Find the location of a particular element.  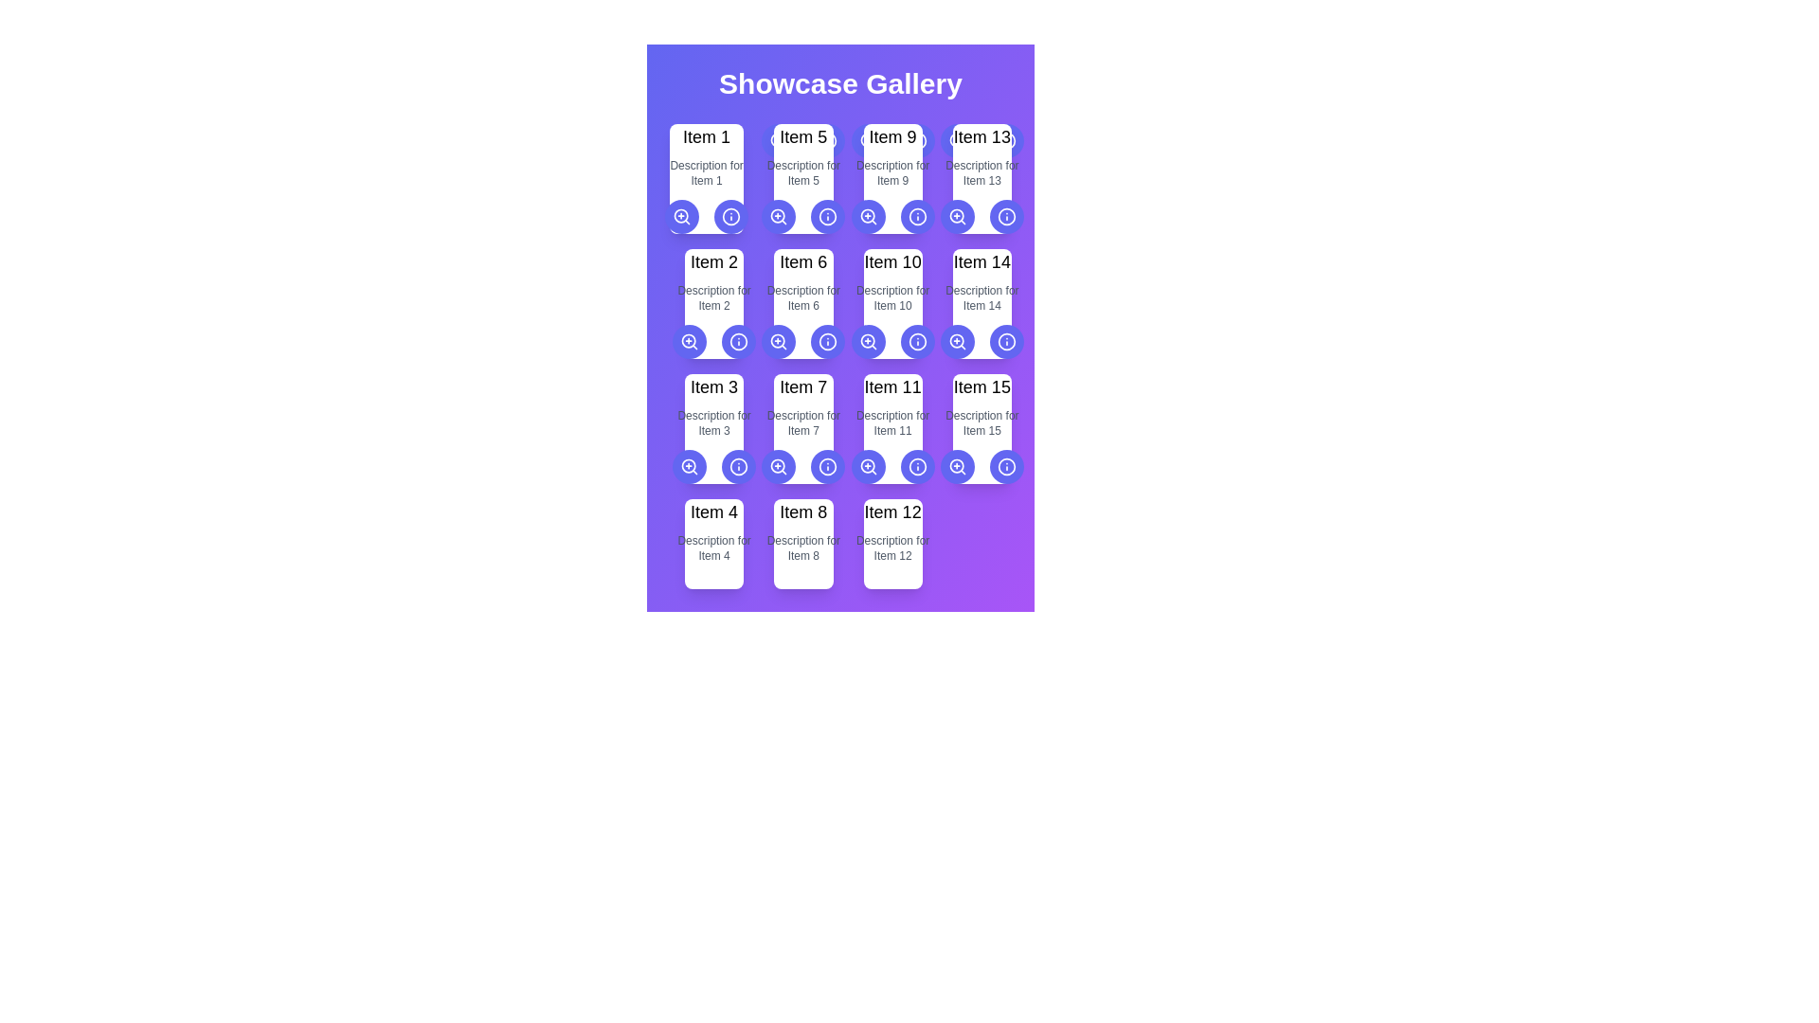

the magnifying glass icon with a plus sign in the center, located within a circular button with a purple background below the 'Item 2' card is located at coordinates (689, 342).